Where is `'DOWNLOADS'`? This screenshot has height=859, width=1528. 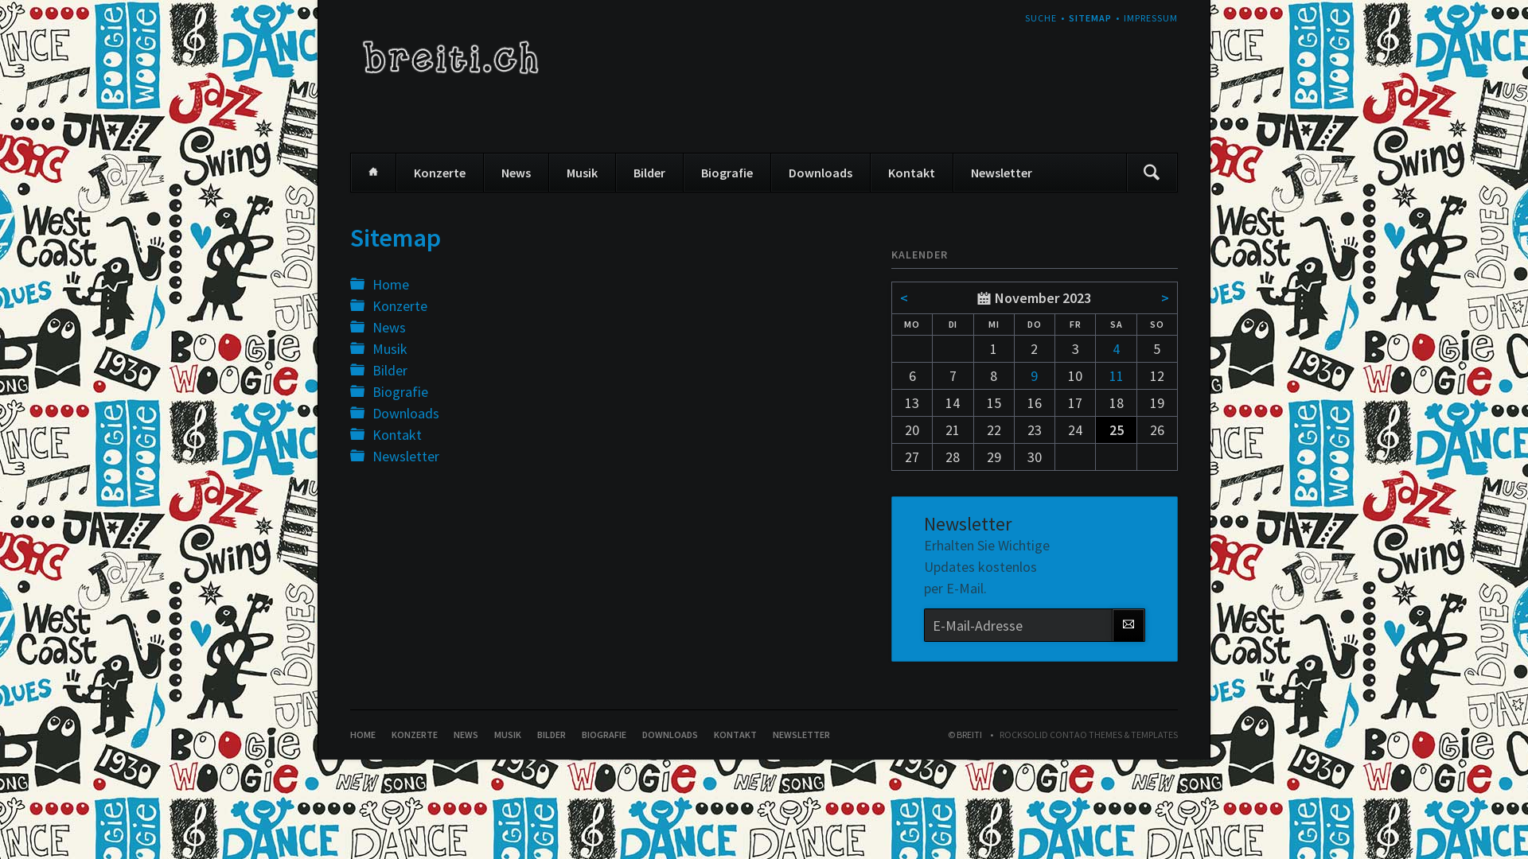 'DOWNLOADS' is located at coordinates (669, 734).